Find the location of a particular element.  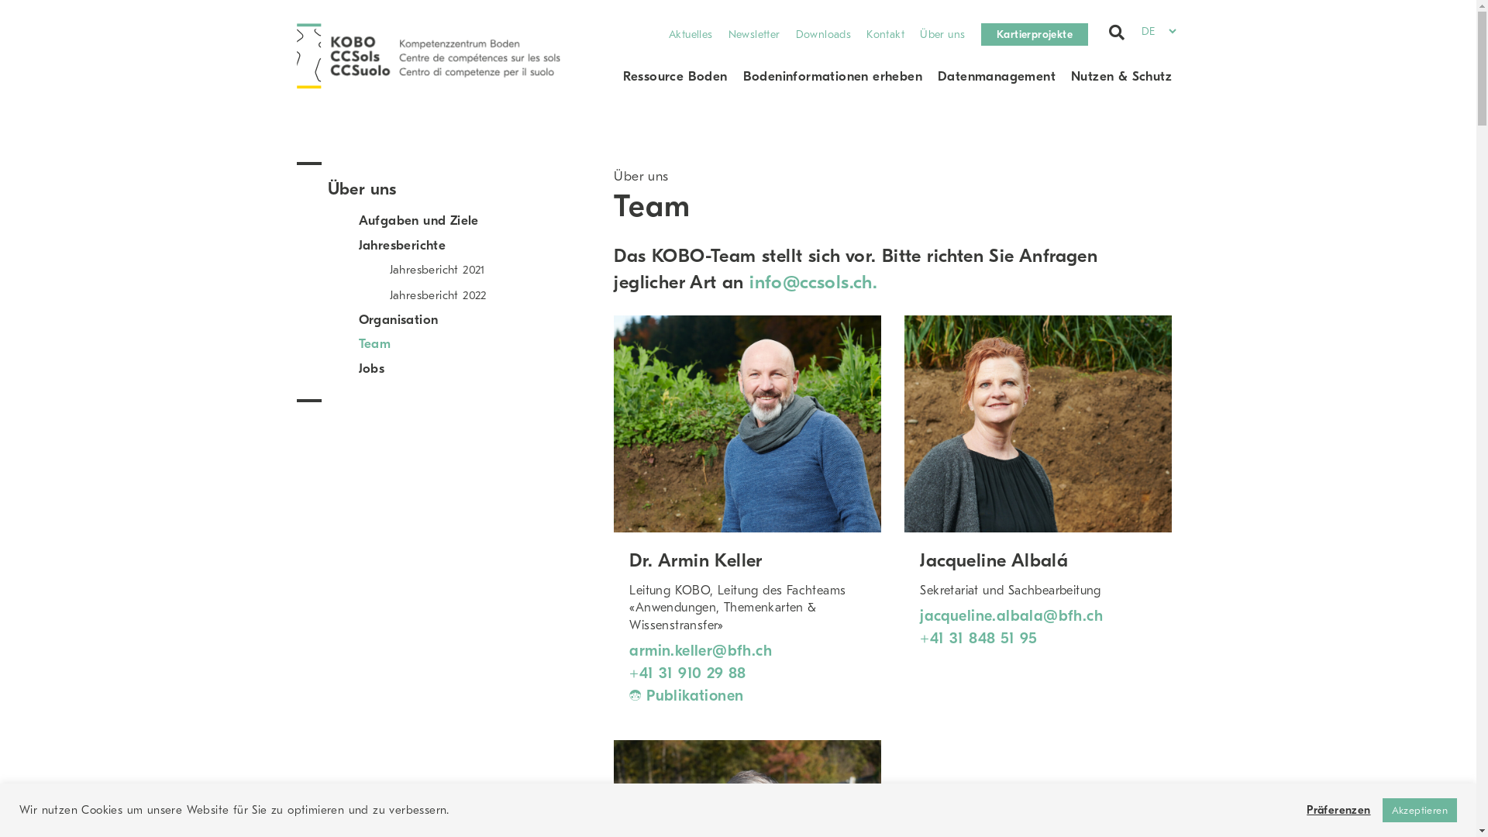

'Aktuelles' is located at coordinates (690, 33).